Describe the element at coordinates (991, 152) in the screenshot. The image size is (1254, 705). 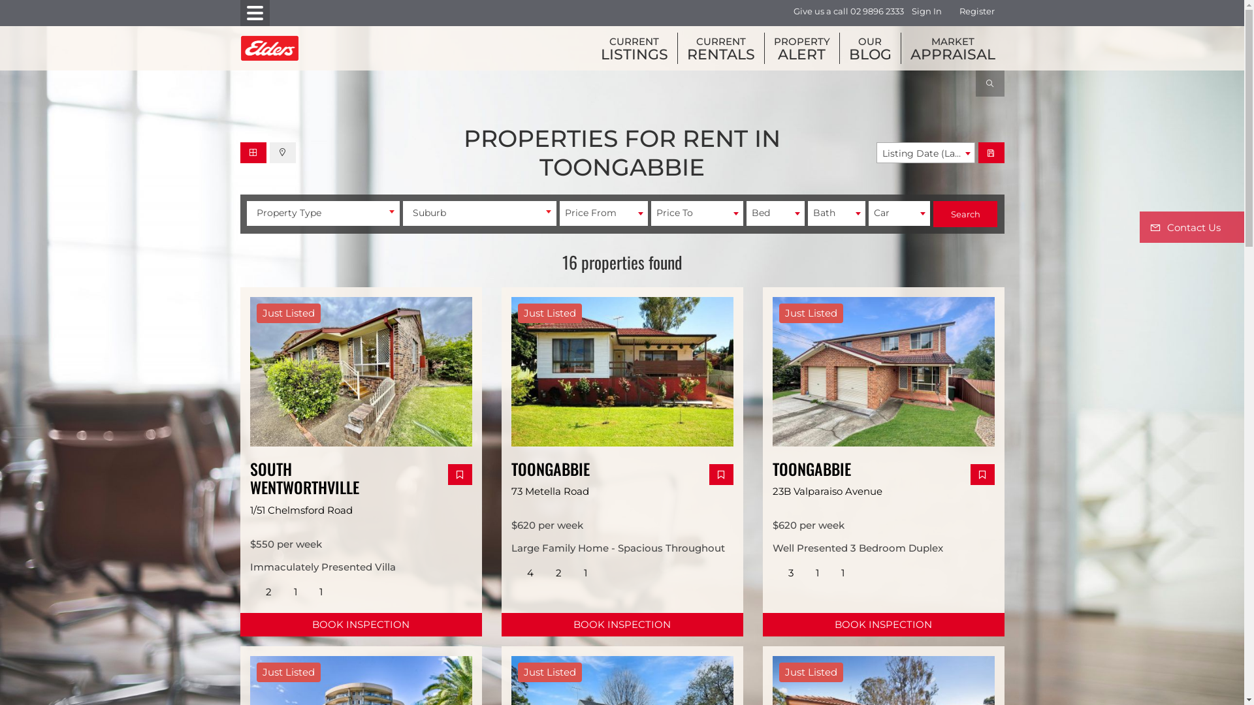
I see `'Save Search'` at that location.